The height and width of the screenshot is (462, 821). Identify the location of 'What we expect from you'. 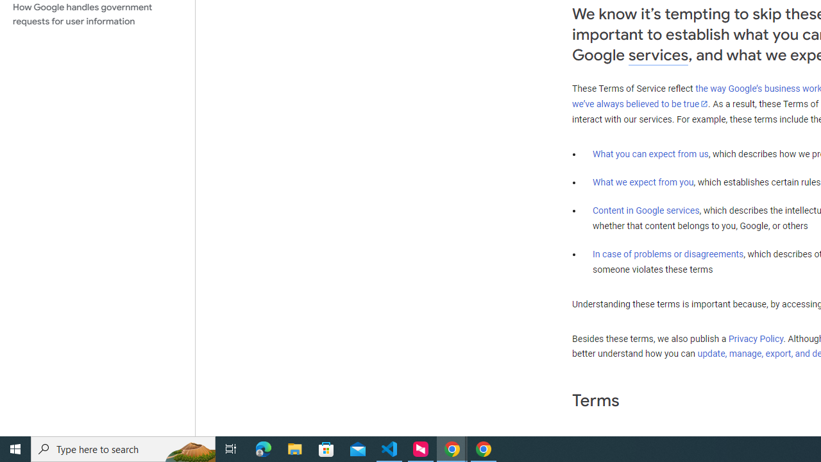
(643, 182).